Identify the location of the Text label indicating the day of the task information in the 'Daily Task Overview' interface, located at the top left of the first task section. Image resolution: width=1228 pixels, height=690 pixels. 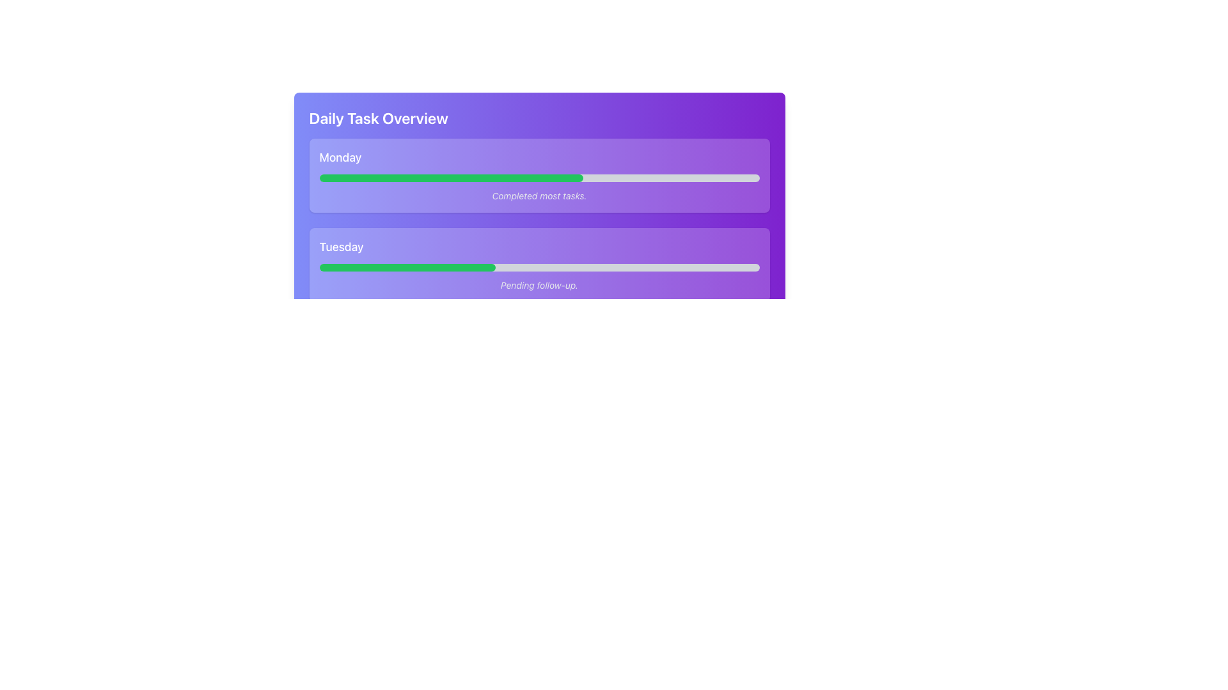
(340, 157).